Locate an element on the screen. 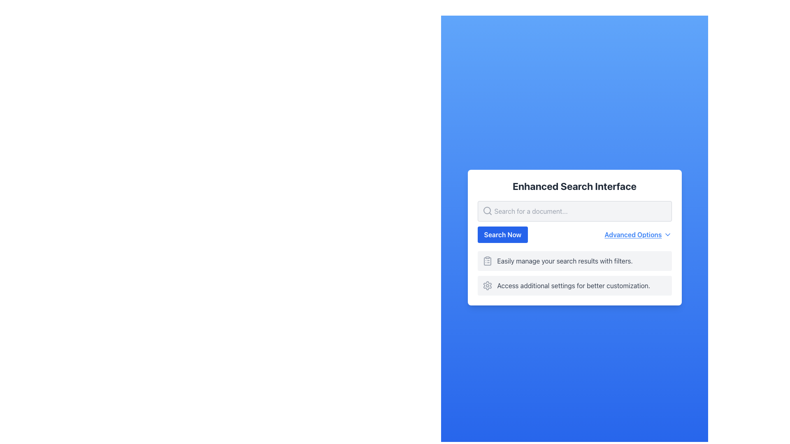 Image resolution: width=790 pixels, height=444 pixels. the static text element saying 'Easily manage your search results with filters.' which is styled in gray and positioned below the blue 'Search Now' button is located at coordinates (565, 261).